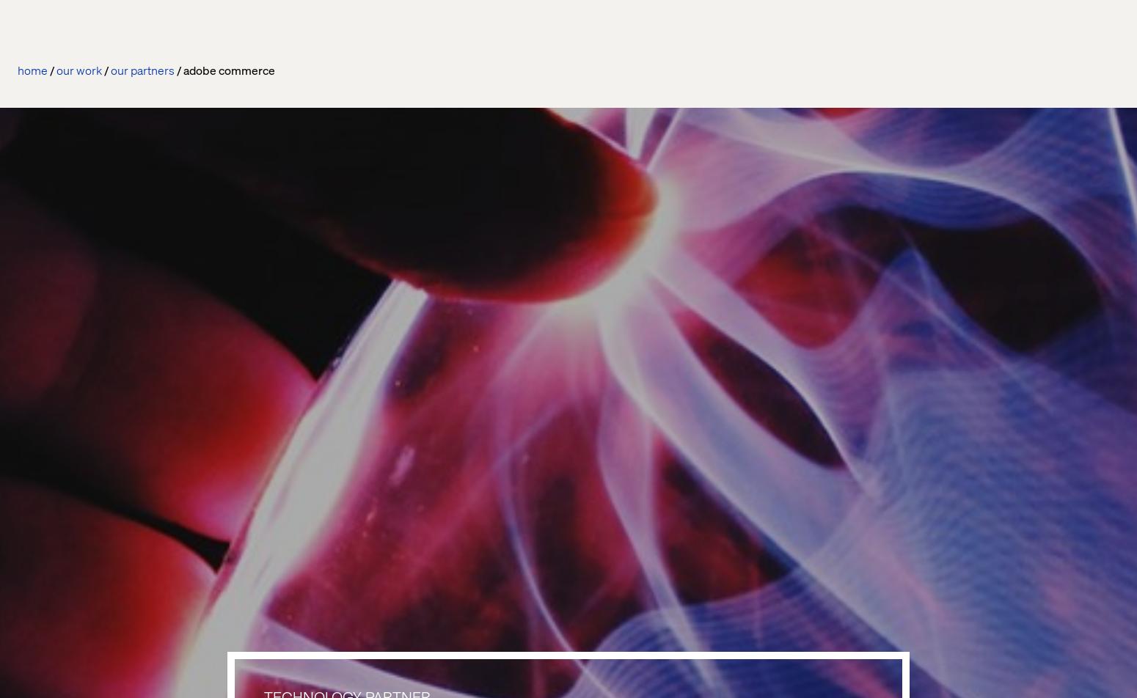 This screenshot has height=698, width=1137. Describe the element at coordinates (36, 605) in the screenshot. I see `'Toyota'` at that location.